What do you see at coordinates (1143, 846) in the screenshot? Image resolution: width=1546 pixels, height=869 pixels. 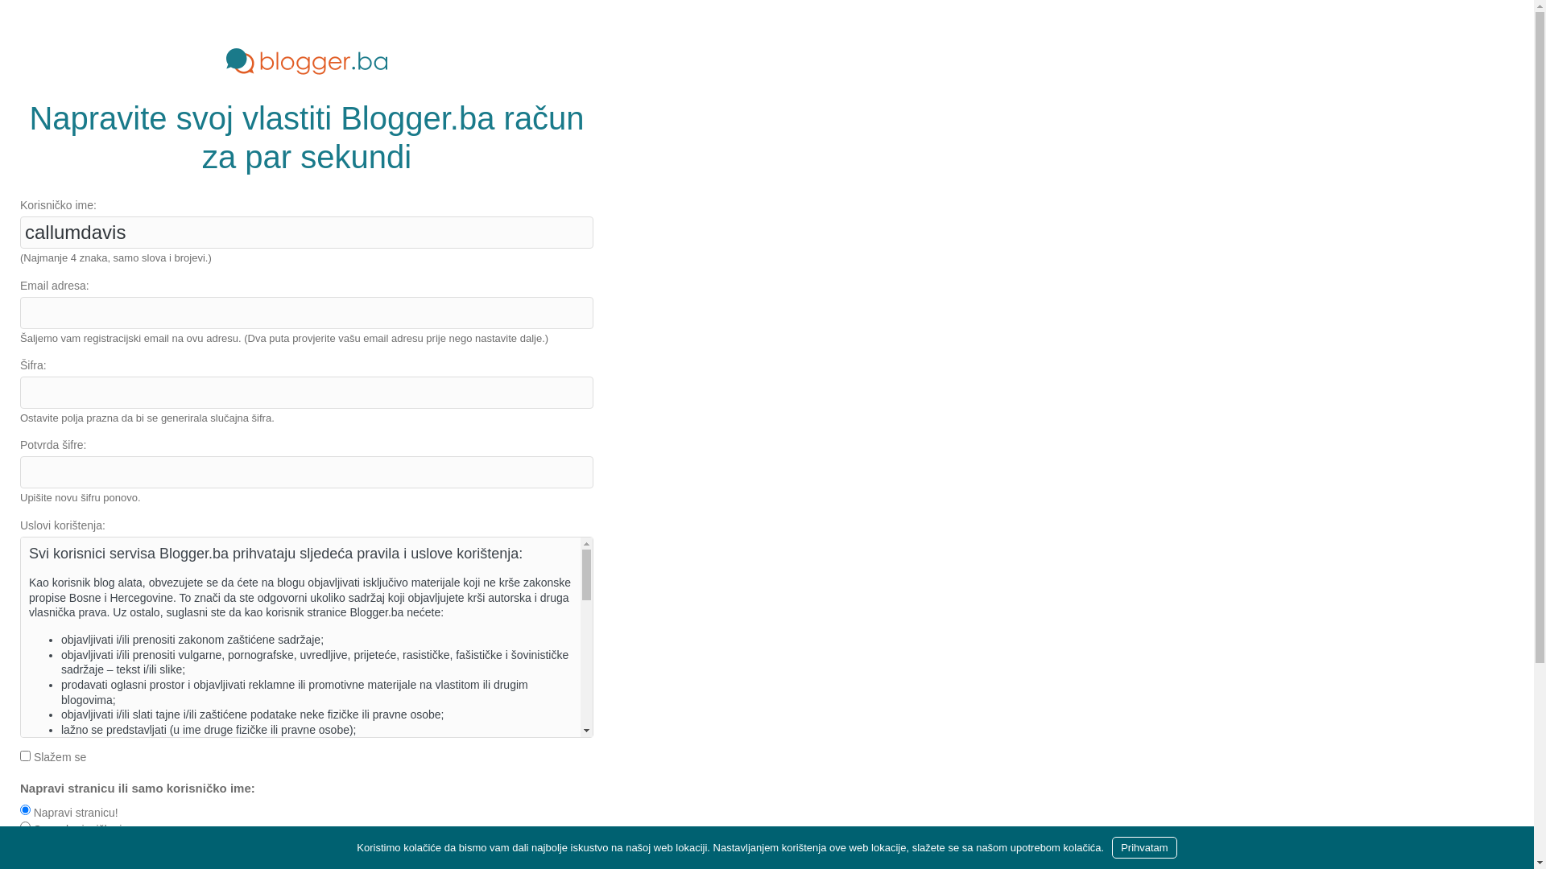 I see `'Prihvatam'` at bounding box center [1143, 846].